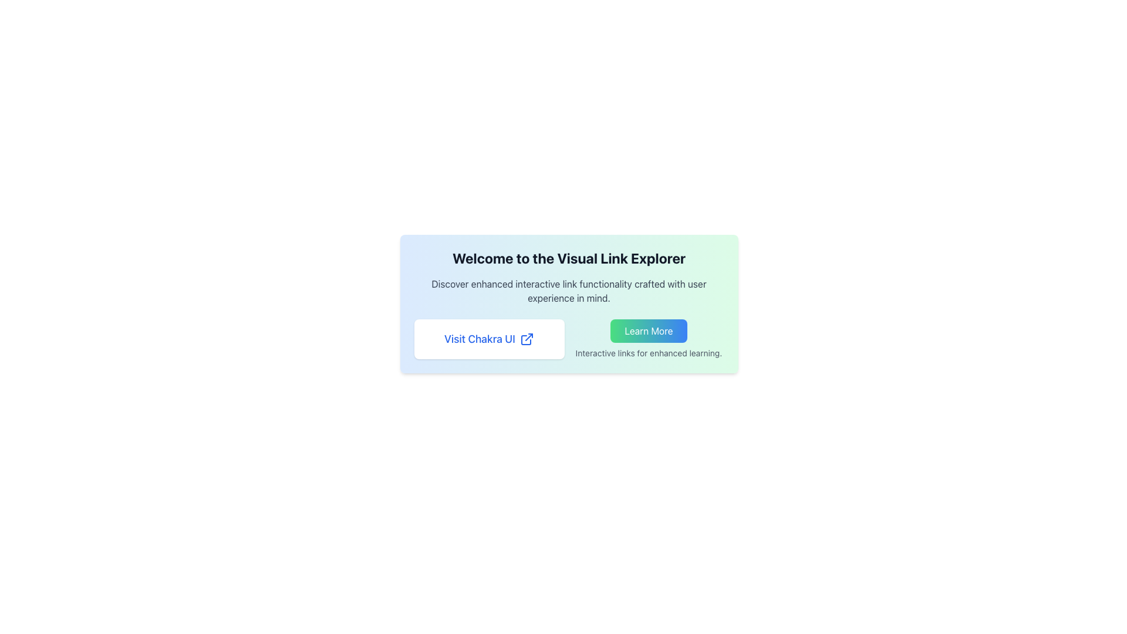 Image resolution: width=1127 pixels, height=634 pixels. What do you see at coordinates (648, 352) in the screenshot?
I see `the static text label reading 'Interactive links for enhanced learning.' which is styled in gray and located below the 'Learn More' button` at bounding box center [648, 352].